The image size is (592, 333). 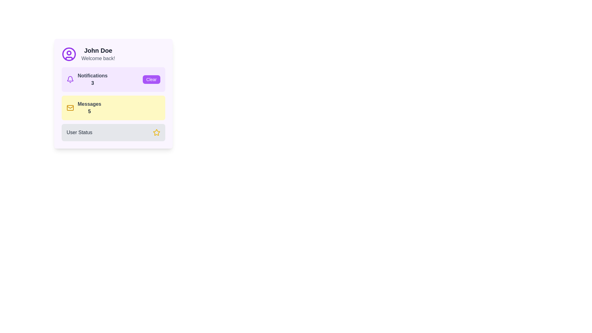 What do you see at coordinates (151, 79) in the screenshot?
I see `the 'Clear' button with white text on a purple background located in the notification section of the card to trigger the hover color change` at bounding box center [151, 79].